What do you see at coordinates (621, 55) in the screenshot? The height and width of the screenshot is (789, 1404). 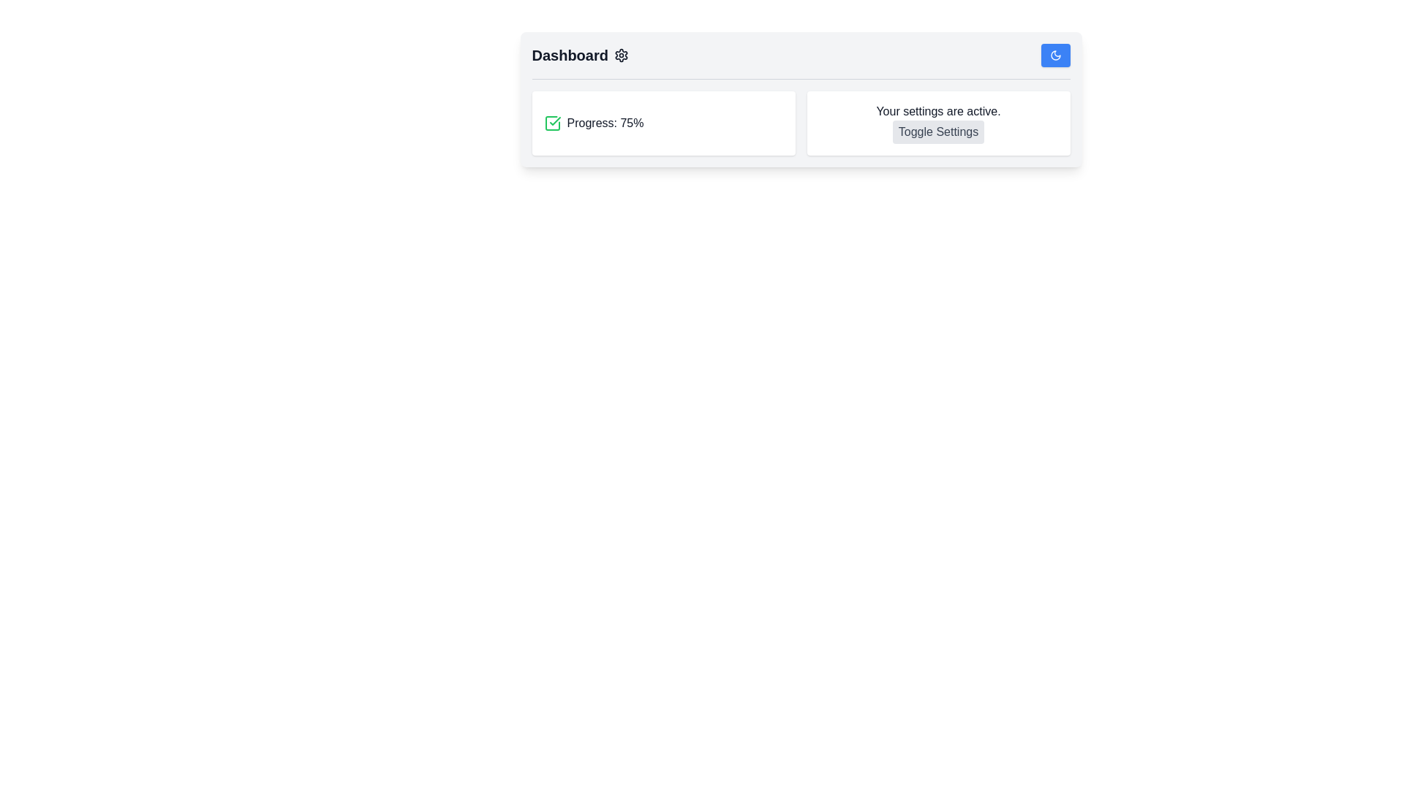 I see `the largest component of the settings icon located next to the 'Dashboard' text at the top-left portion of the interface` at bounding box center [621, 55].